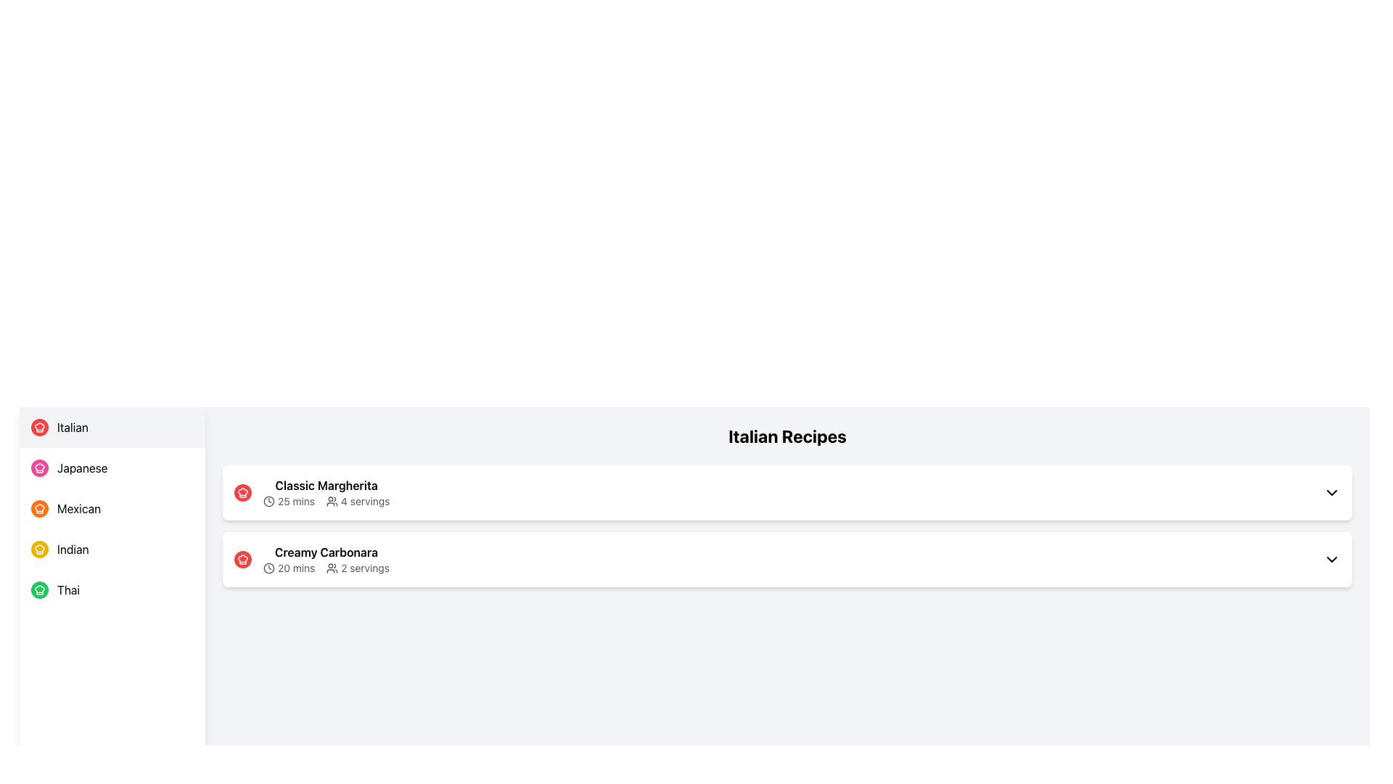 This screenshot has width=1393, height=784. What do you see at coordinates (111, 427) in the screenshot?
I see `the 'Italian' cuisine selection button, which is the first item in the vertical list of cuisine options on the left side panel` at bounding box center [111, 427].